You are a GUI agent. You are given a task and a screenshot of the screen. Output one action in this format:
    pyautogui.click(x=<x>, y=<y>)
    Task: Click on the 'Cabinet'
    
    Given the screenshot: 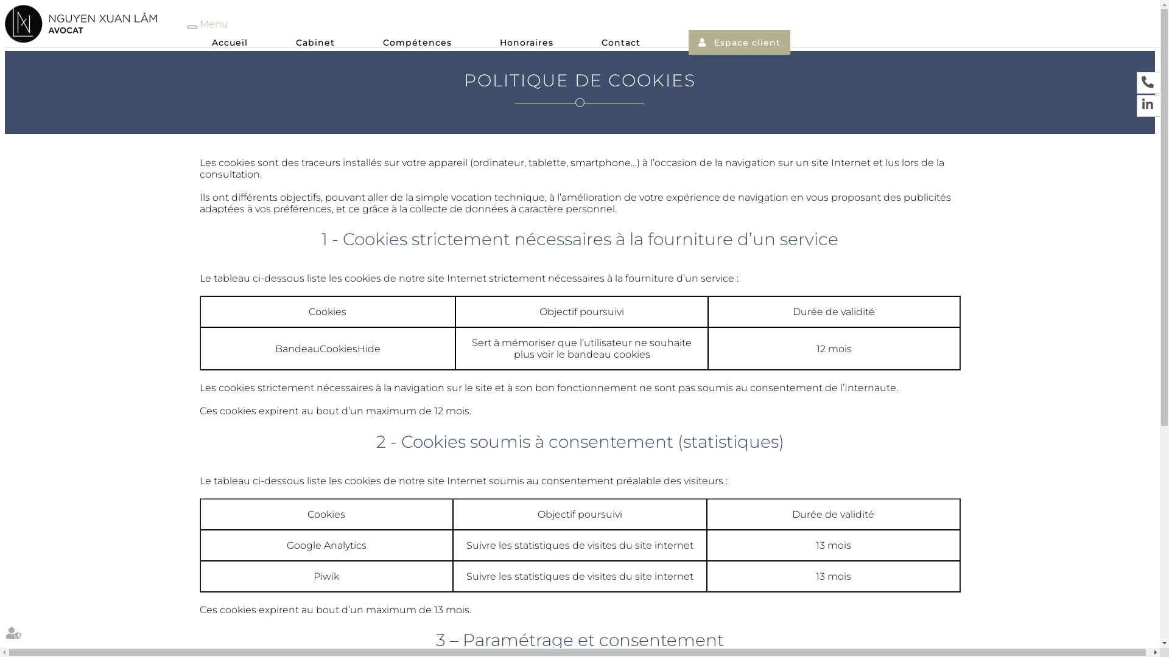 What is the action you would take?
    pyautogui.click(x=315, y=44)
    